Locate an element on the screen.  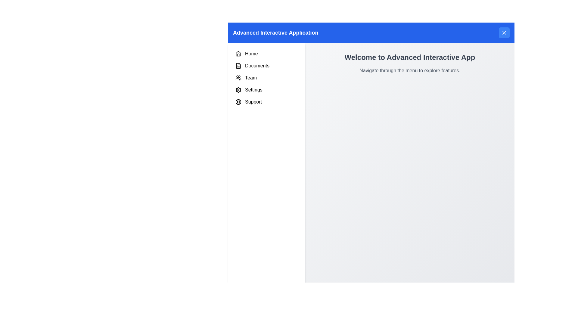
the life buoy icon in the sidebar menu is located at coordinates (238, 102).